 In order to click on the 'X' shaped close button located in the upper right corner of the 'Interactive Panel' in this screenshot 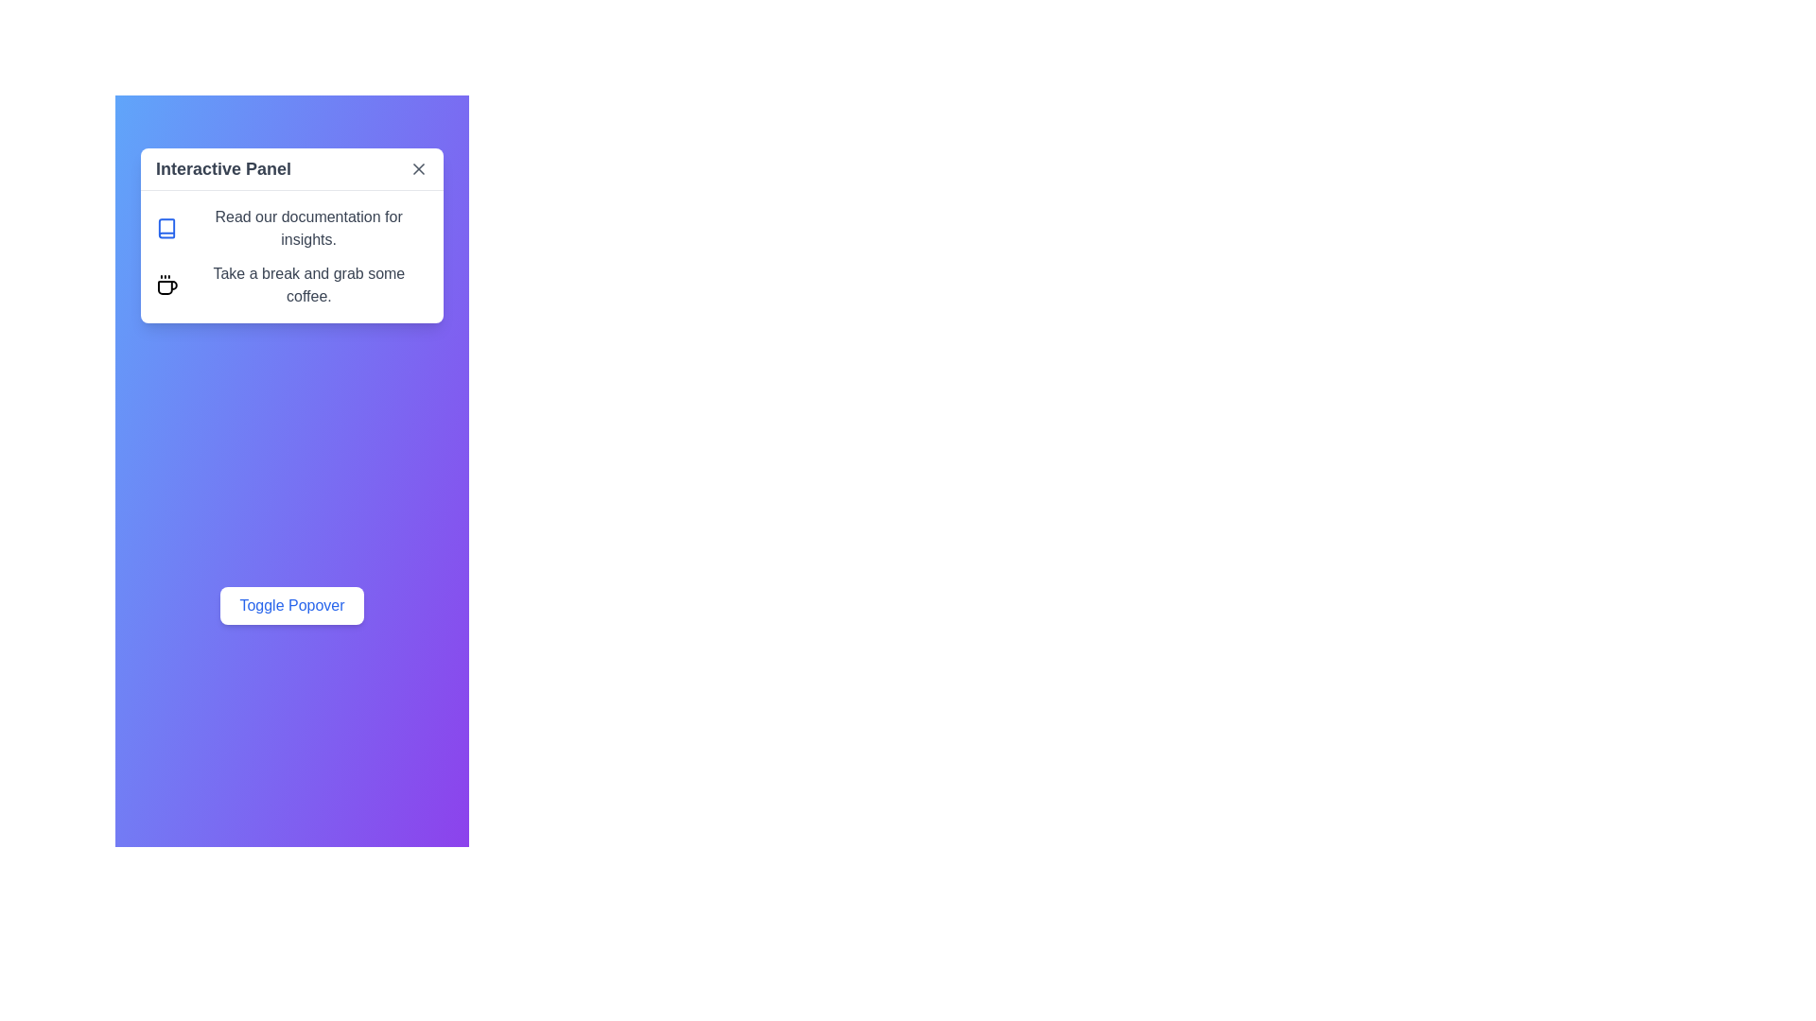, I will do `click(417, 167)`.